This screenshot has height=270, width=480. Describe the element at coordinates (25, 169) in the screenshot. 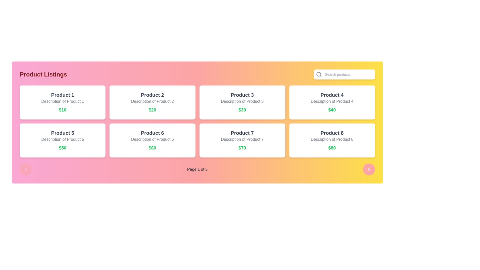

I see `the circular red button with a leftward arrow icon located at the bottom-left of the pagination area` at that location.